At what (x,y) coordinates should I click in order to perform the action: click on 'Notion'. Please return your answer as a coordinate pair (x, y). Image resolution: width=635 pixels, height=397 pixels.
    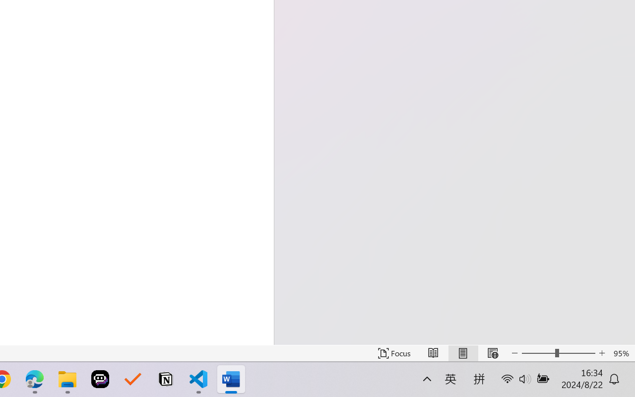
    Looking at the image, I should click on (166, 379).